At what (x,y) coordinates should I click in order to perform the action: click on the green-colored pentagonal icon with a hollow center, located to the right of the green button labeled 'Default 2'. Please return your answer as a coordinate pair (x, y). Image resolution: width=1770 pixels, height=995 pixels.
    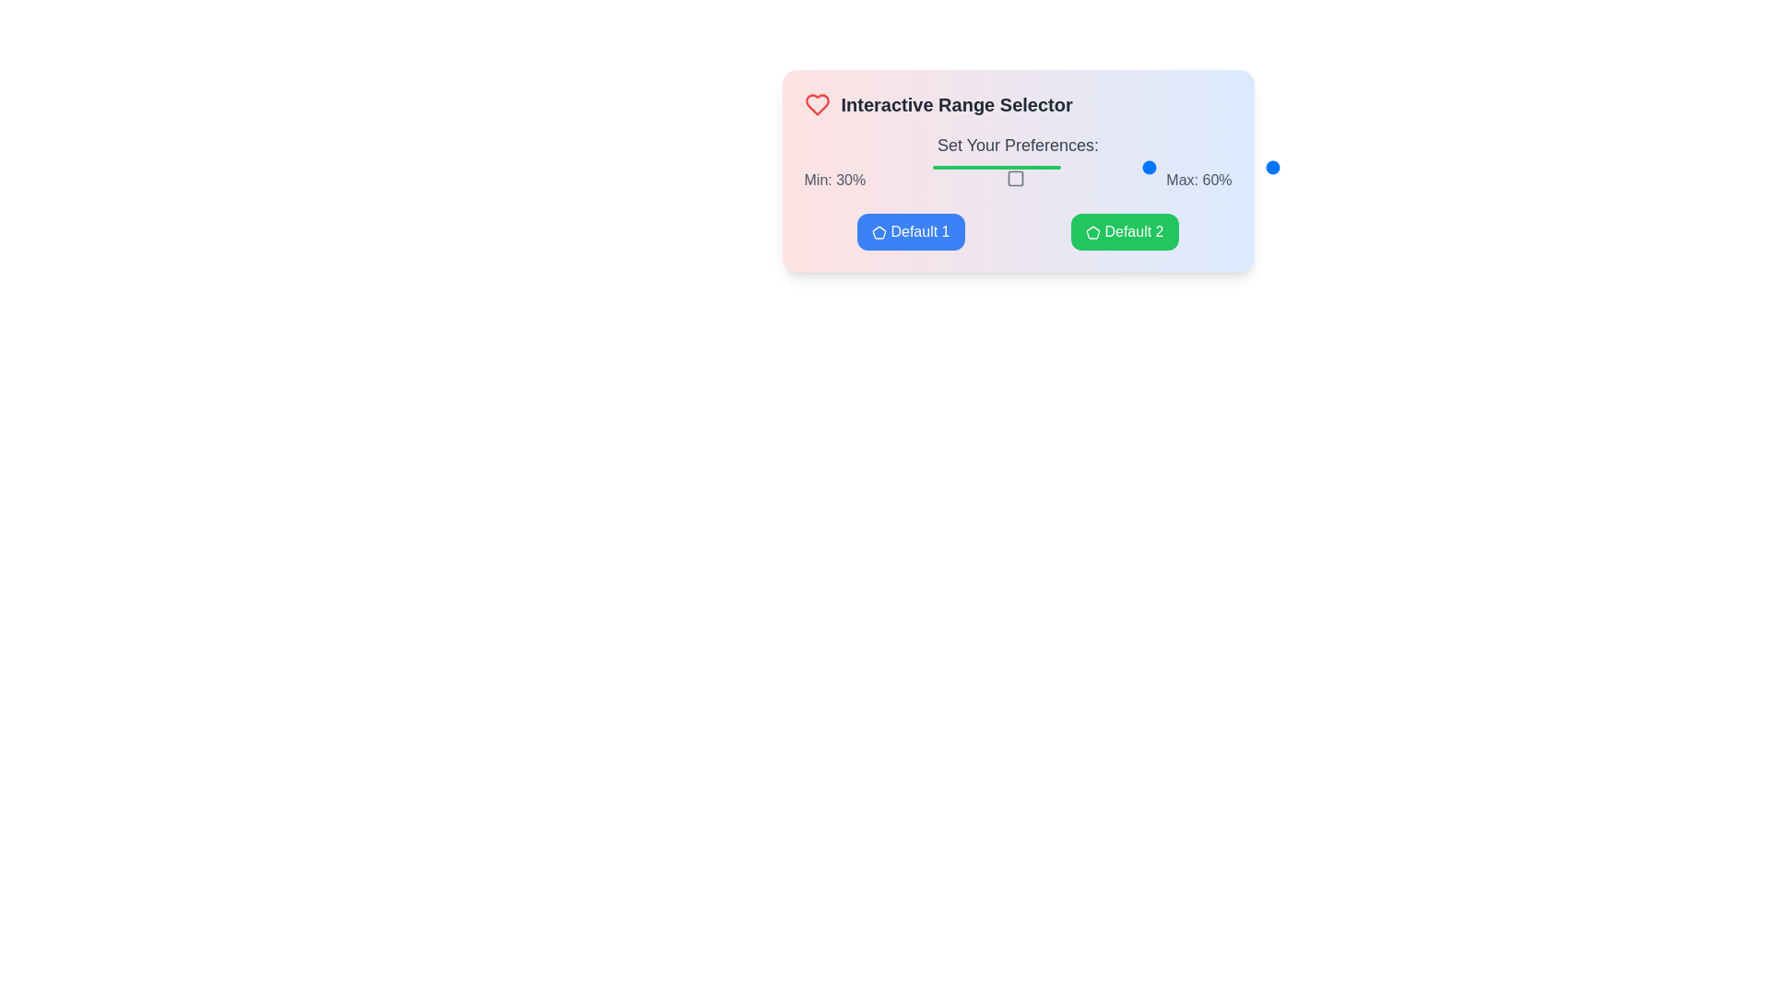
    Looking at the image, I should click on (1093, 231).